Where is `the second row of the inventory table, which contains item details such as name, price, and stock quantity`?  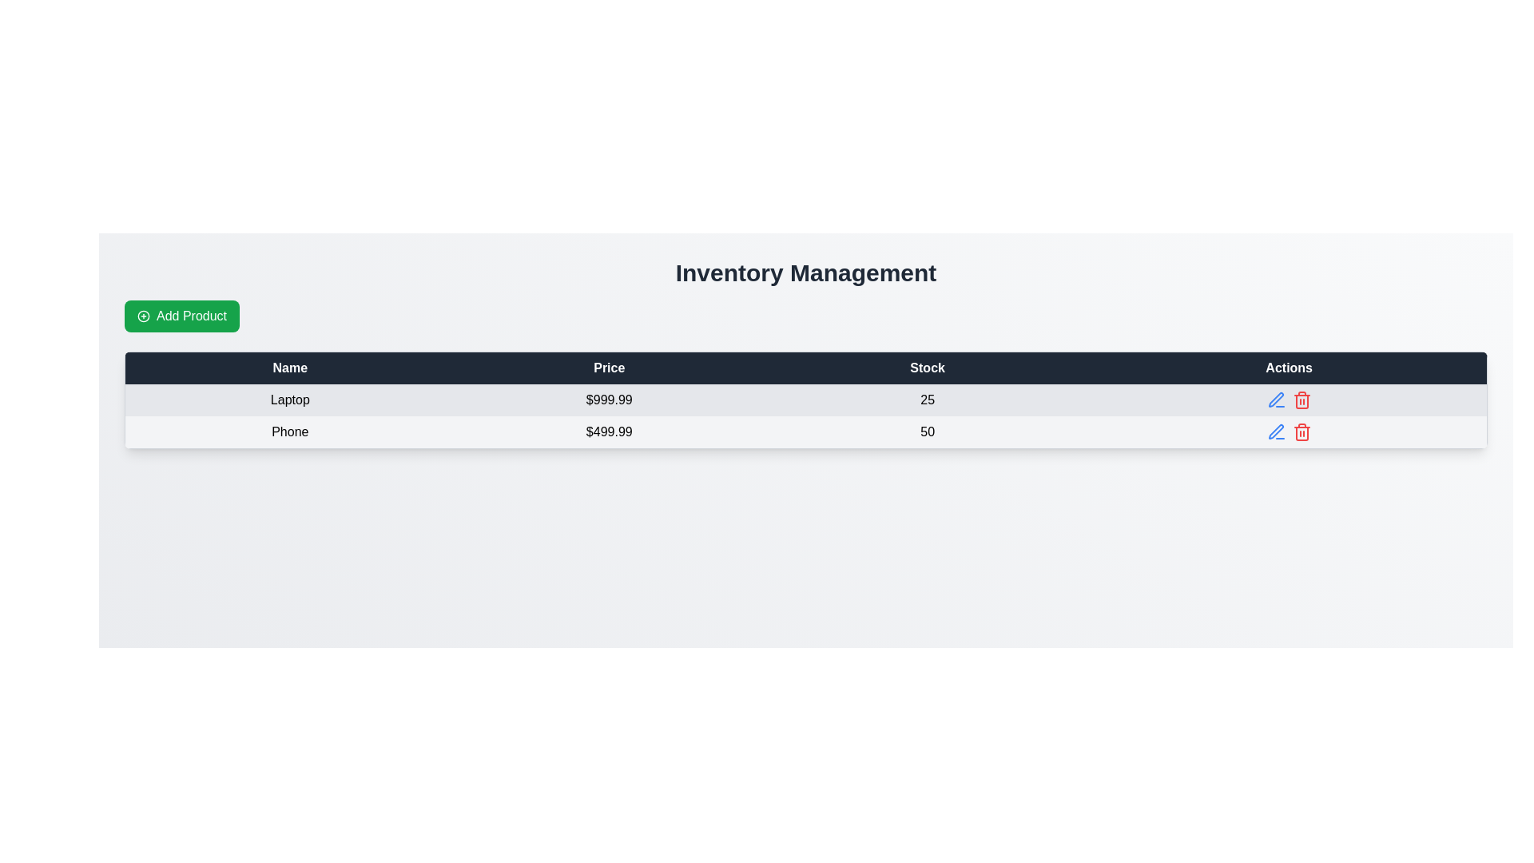
the second row of the inventory table, which contains item details such as name, price, and stock quantity is located at coordinates (805, 431).